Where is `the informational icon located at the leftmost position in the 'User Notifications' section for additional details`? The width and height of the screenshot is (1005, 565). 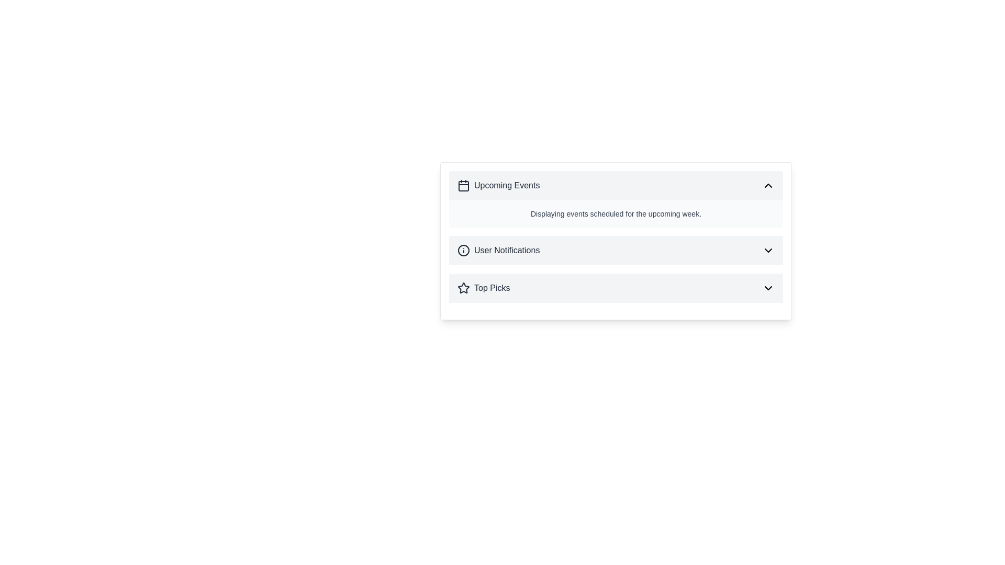 the informational icon located at the leftmost position in the 'User Notifications' section for additional details is located at coordinates (463, 250).